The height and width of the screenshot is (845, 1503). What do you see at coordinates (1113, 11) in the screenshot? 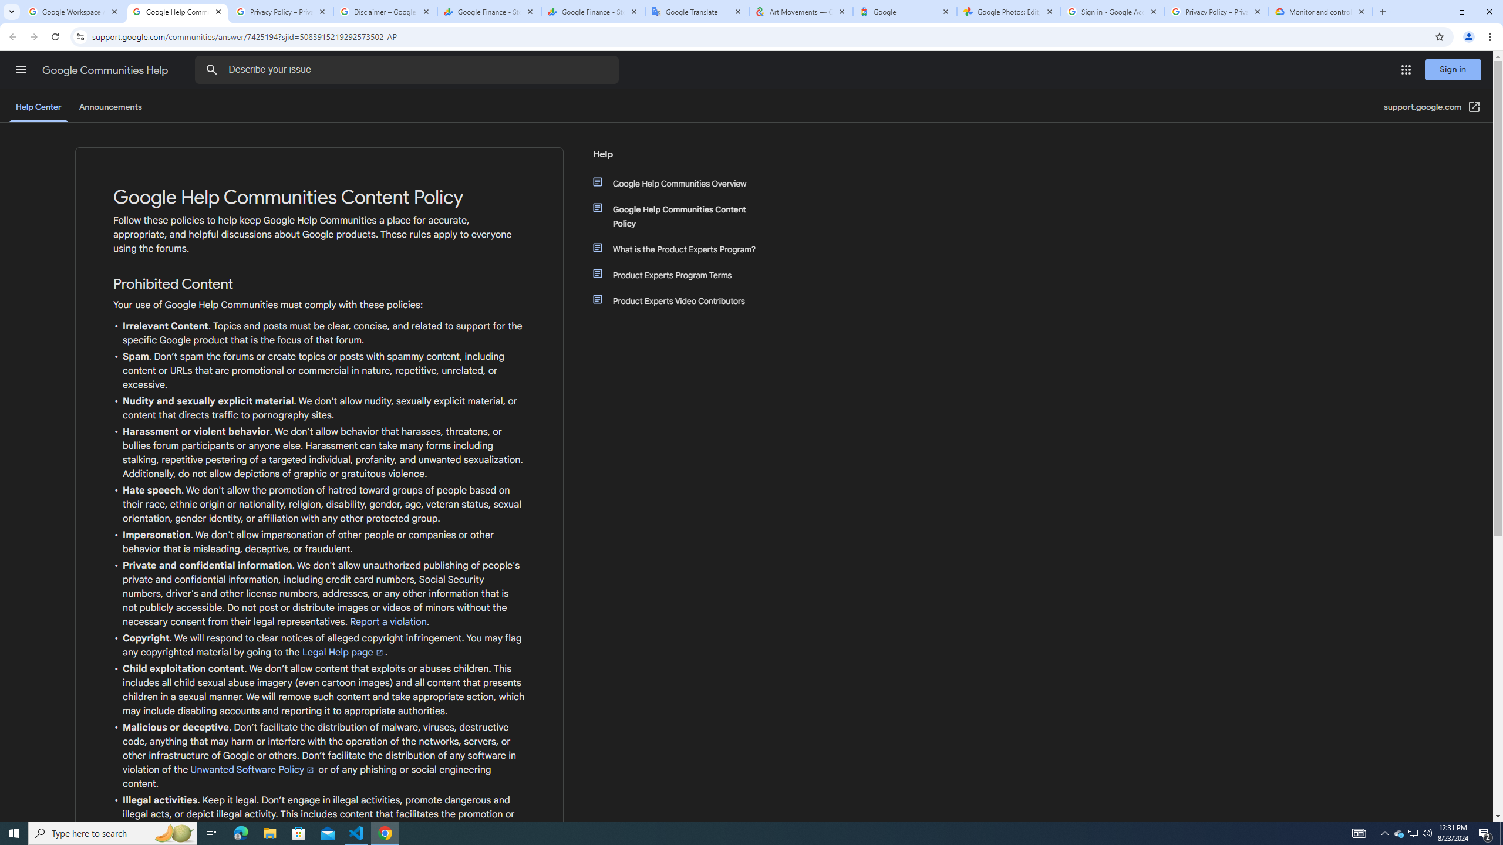
I see `'Sign in - Google Accounts'` at bounding box center [1113, 11].